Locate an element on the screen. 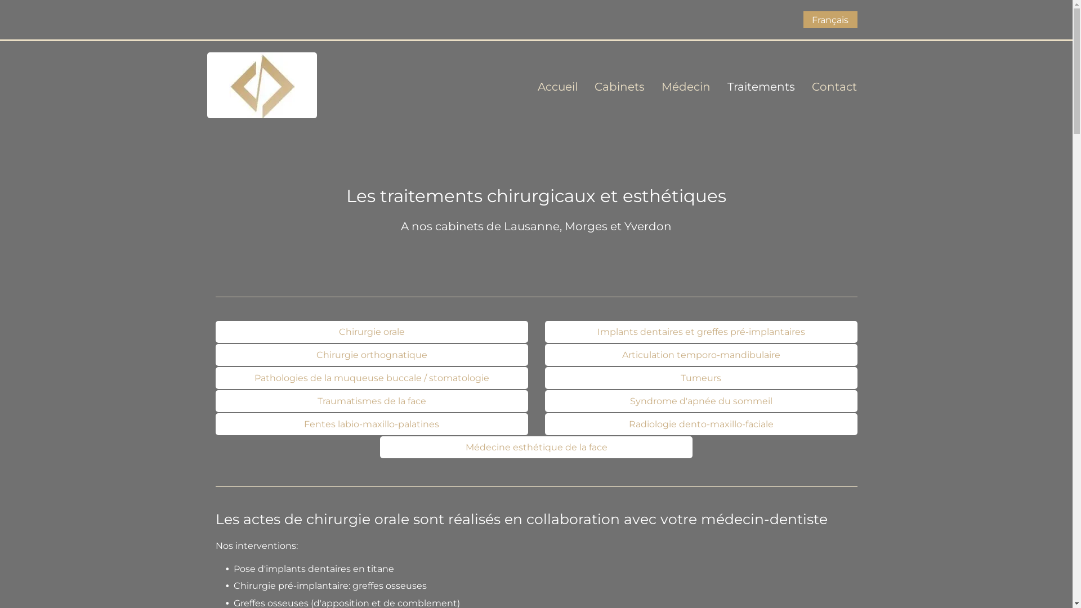  'Accueil' is located at coordinates (549, 86).